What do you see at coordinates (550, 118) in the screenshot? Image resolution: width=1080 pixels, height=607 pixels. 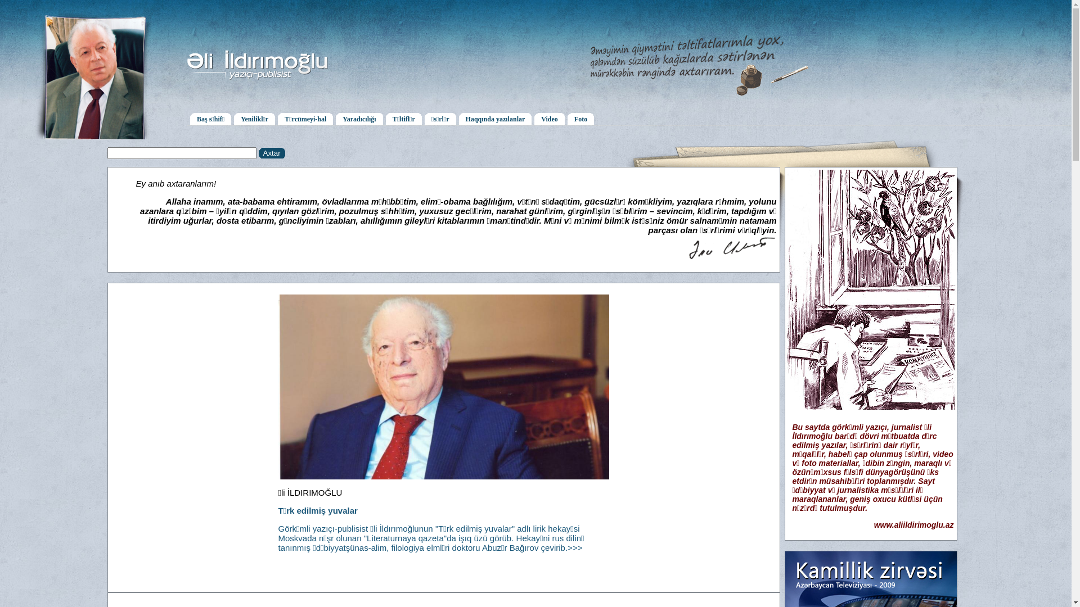 I see `'Video'` at bounding box center [550, 118].